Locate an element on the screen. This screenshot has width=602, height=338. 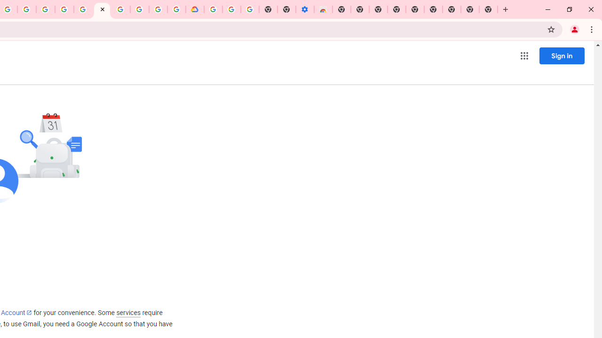
'Settings - Accessibility' is located at coordinates (305, 9).